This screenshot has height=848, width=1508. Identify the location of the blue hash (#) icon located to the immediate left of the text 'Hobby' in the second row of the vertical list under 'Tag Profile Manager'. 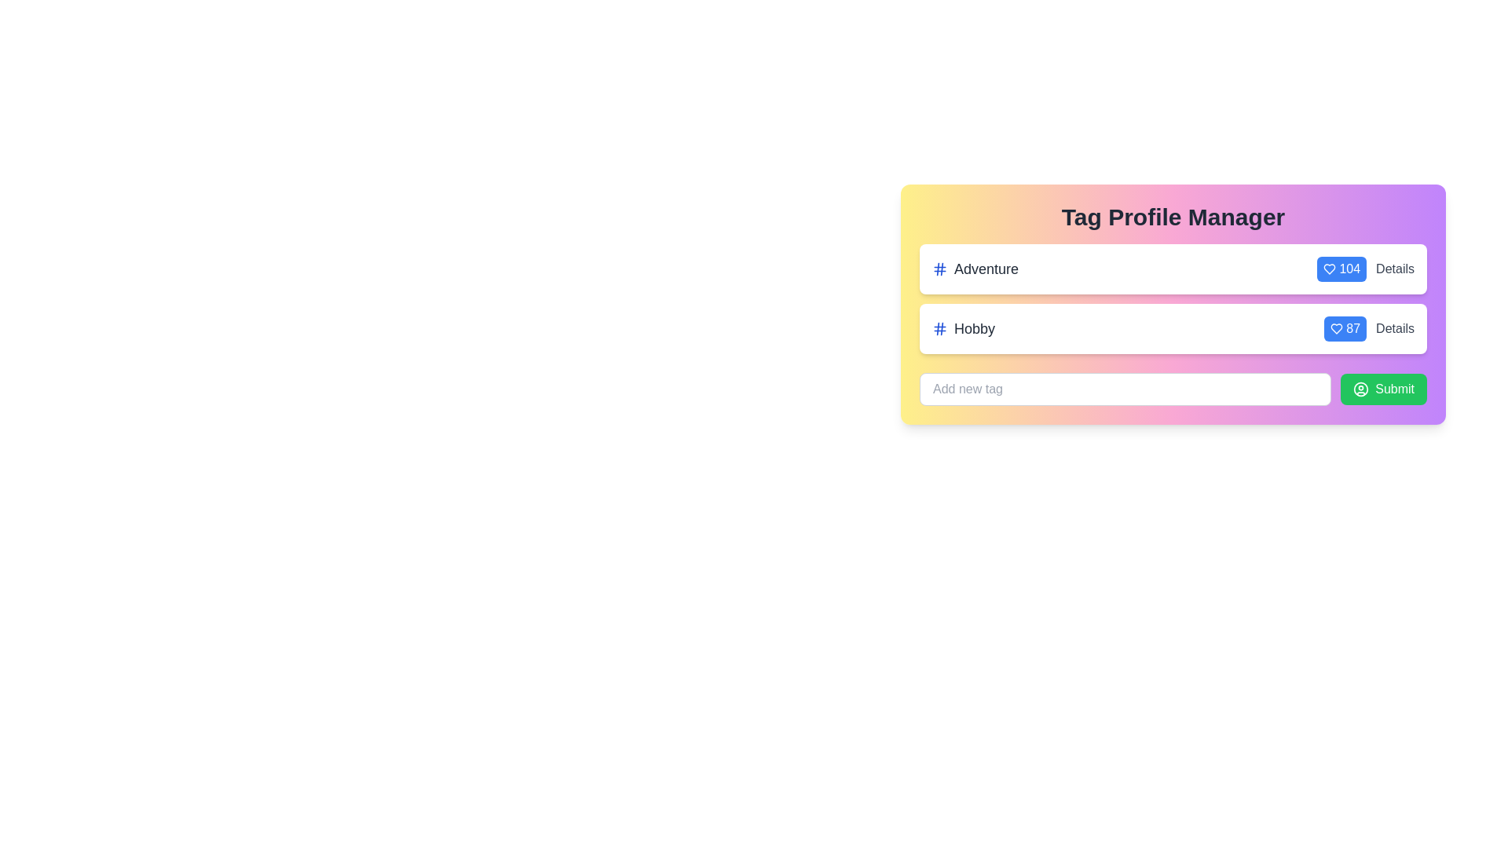
(939, 328).